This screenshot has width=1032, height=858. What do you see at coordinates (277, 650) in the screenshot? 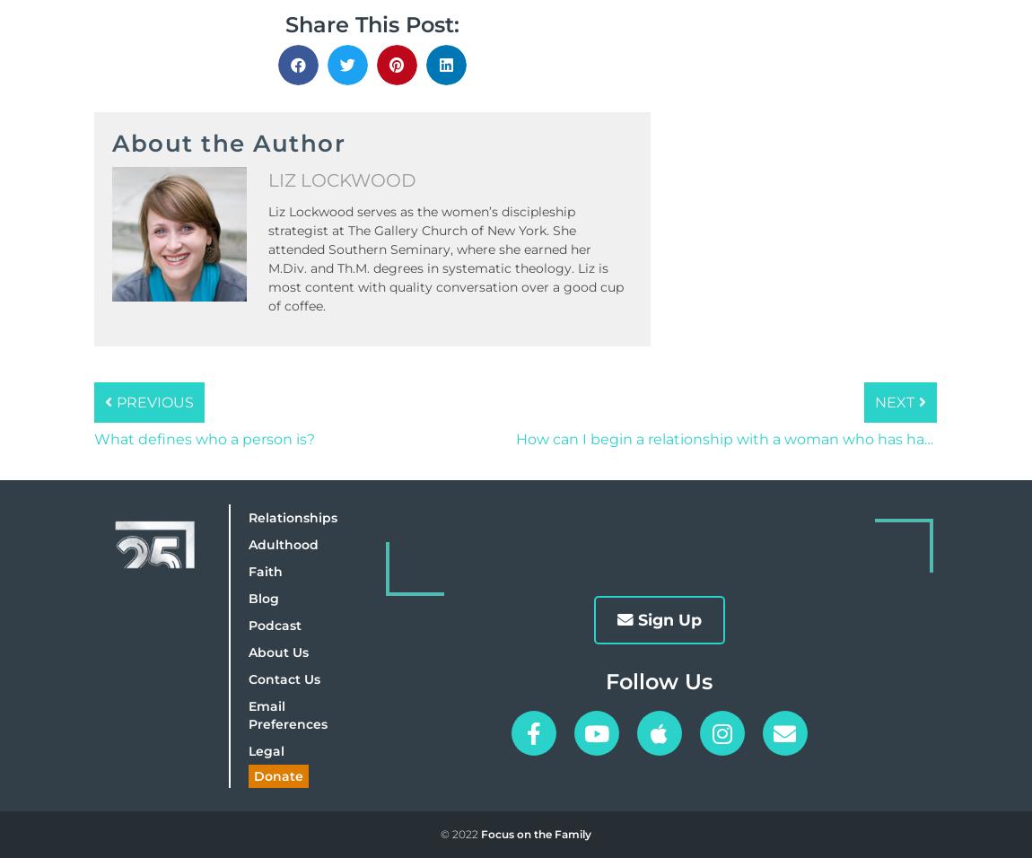
I see `'About Us'` at bounding box center [277, 650].